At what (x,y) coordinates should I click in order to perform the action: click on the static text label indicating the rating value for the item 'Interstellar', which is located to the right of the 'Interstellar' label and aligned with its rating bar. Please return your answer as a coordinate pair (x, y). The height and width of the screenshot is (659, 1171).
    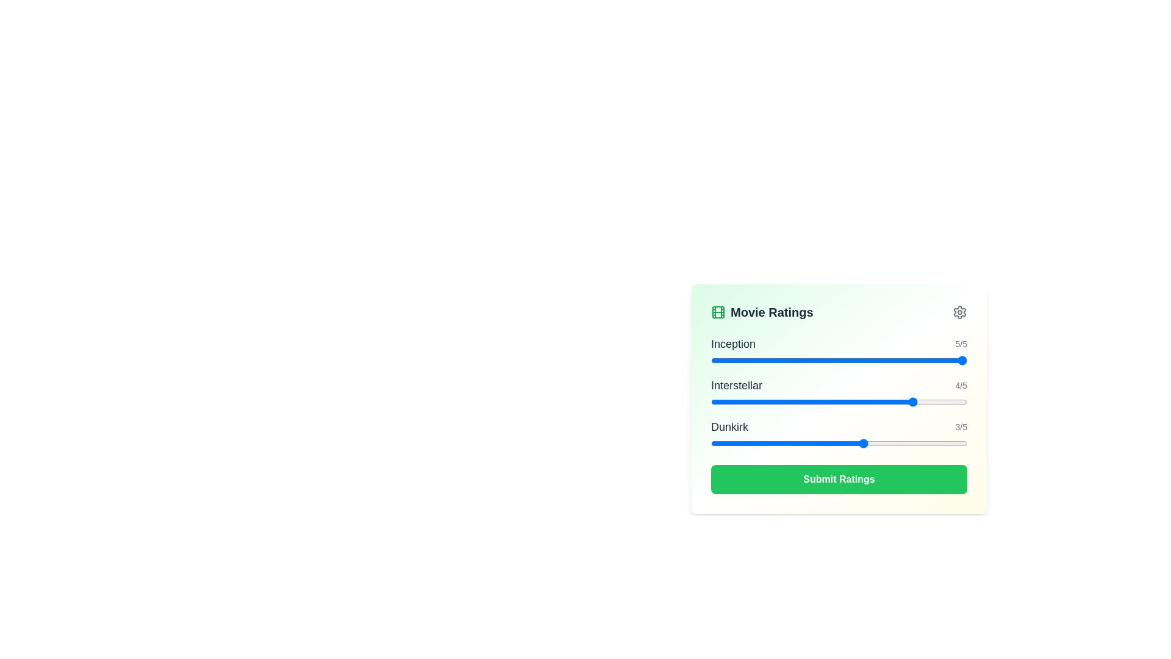
    Looking at the image, I should click on (961, 386).